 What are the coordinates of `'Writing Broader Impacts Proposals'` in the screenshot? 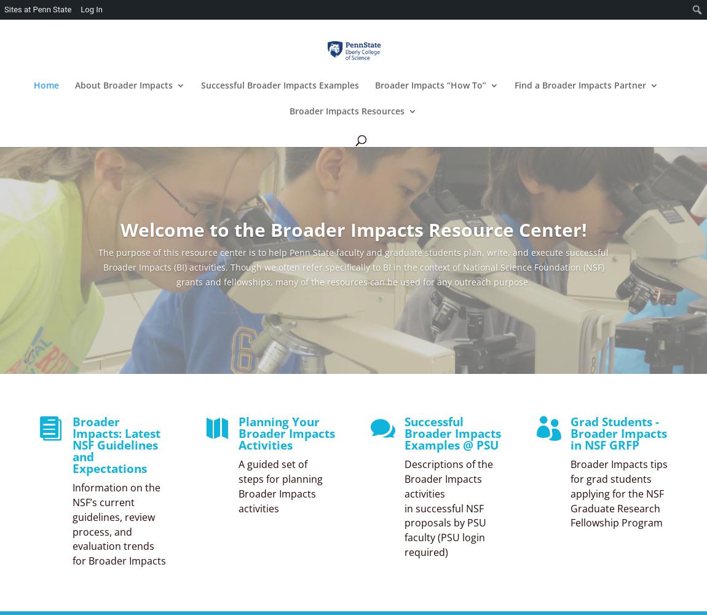 It's located at (438, 183).